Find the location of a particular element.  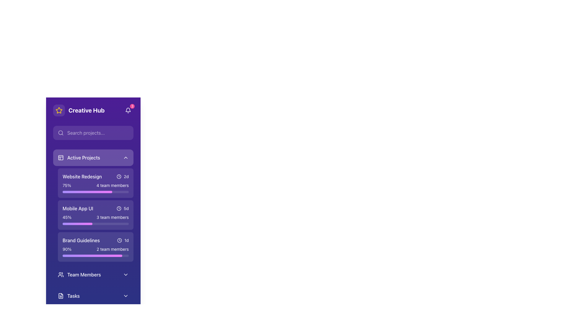

the horizontal progress bar with a gradient fill transitioning from violet to fuchsia, located in the 'Active Projects' section under 'Mobile App UI' is located at coordinates (77, 224).